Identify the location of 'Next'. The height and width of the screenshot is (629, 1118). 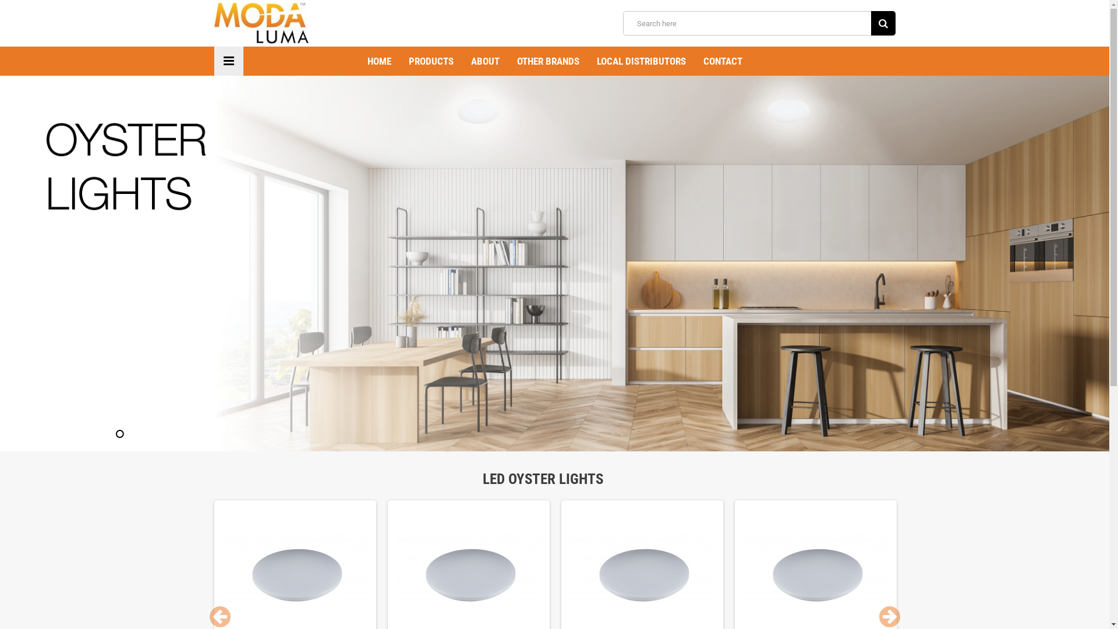
(889, 616).